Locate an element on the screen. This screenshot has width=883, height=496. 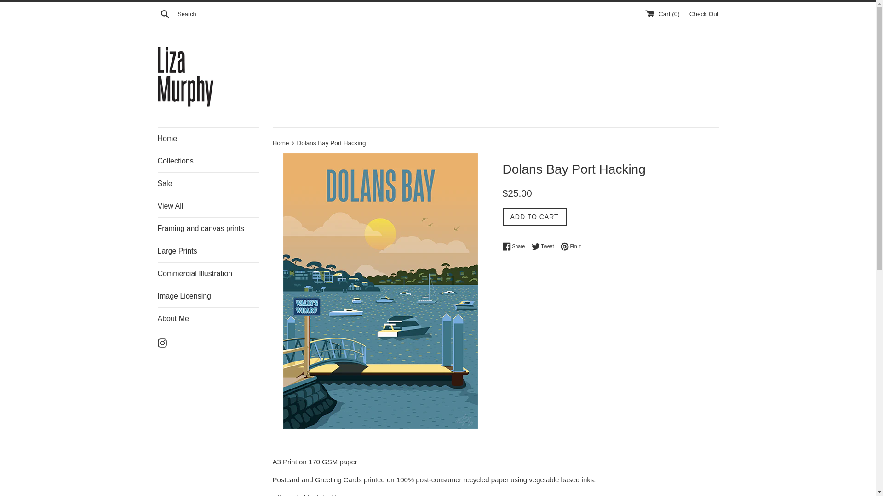
'Large Prints' is located at coordinates (207, 251).